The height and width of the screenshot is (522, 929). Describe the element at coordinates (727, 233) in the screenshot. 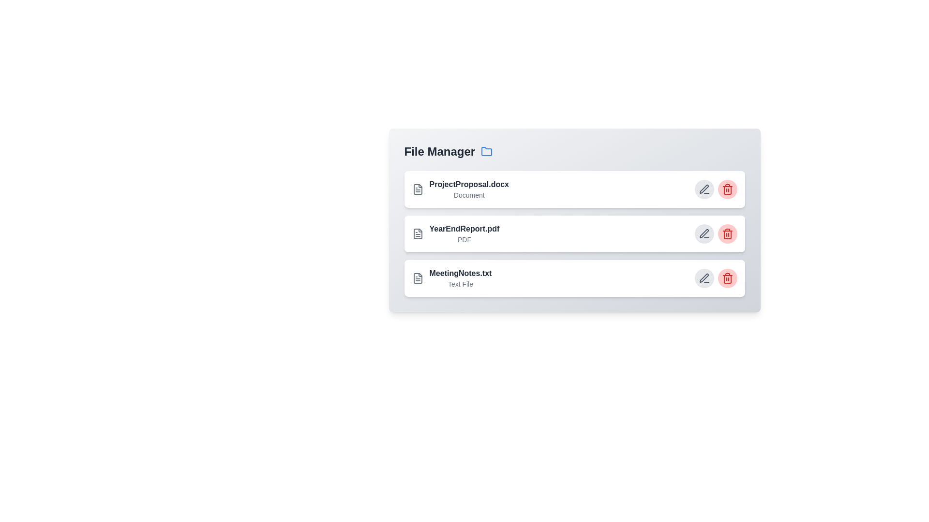

I see `delete button for the file named YearEndReport.pdf` at that location.